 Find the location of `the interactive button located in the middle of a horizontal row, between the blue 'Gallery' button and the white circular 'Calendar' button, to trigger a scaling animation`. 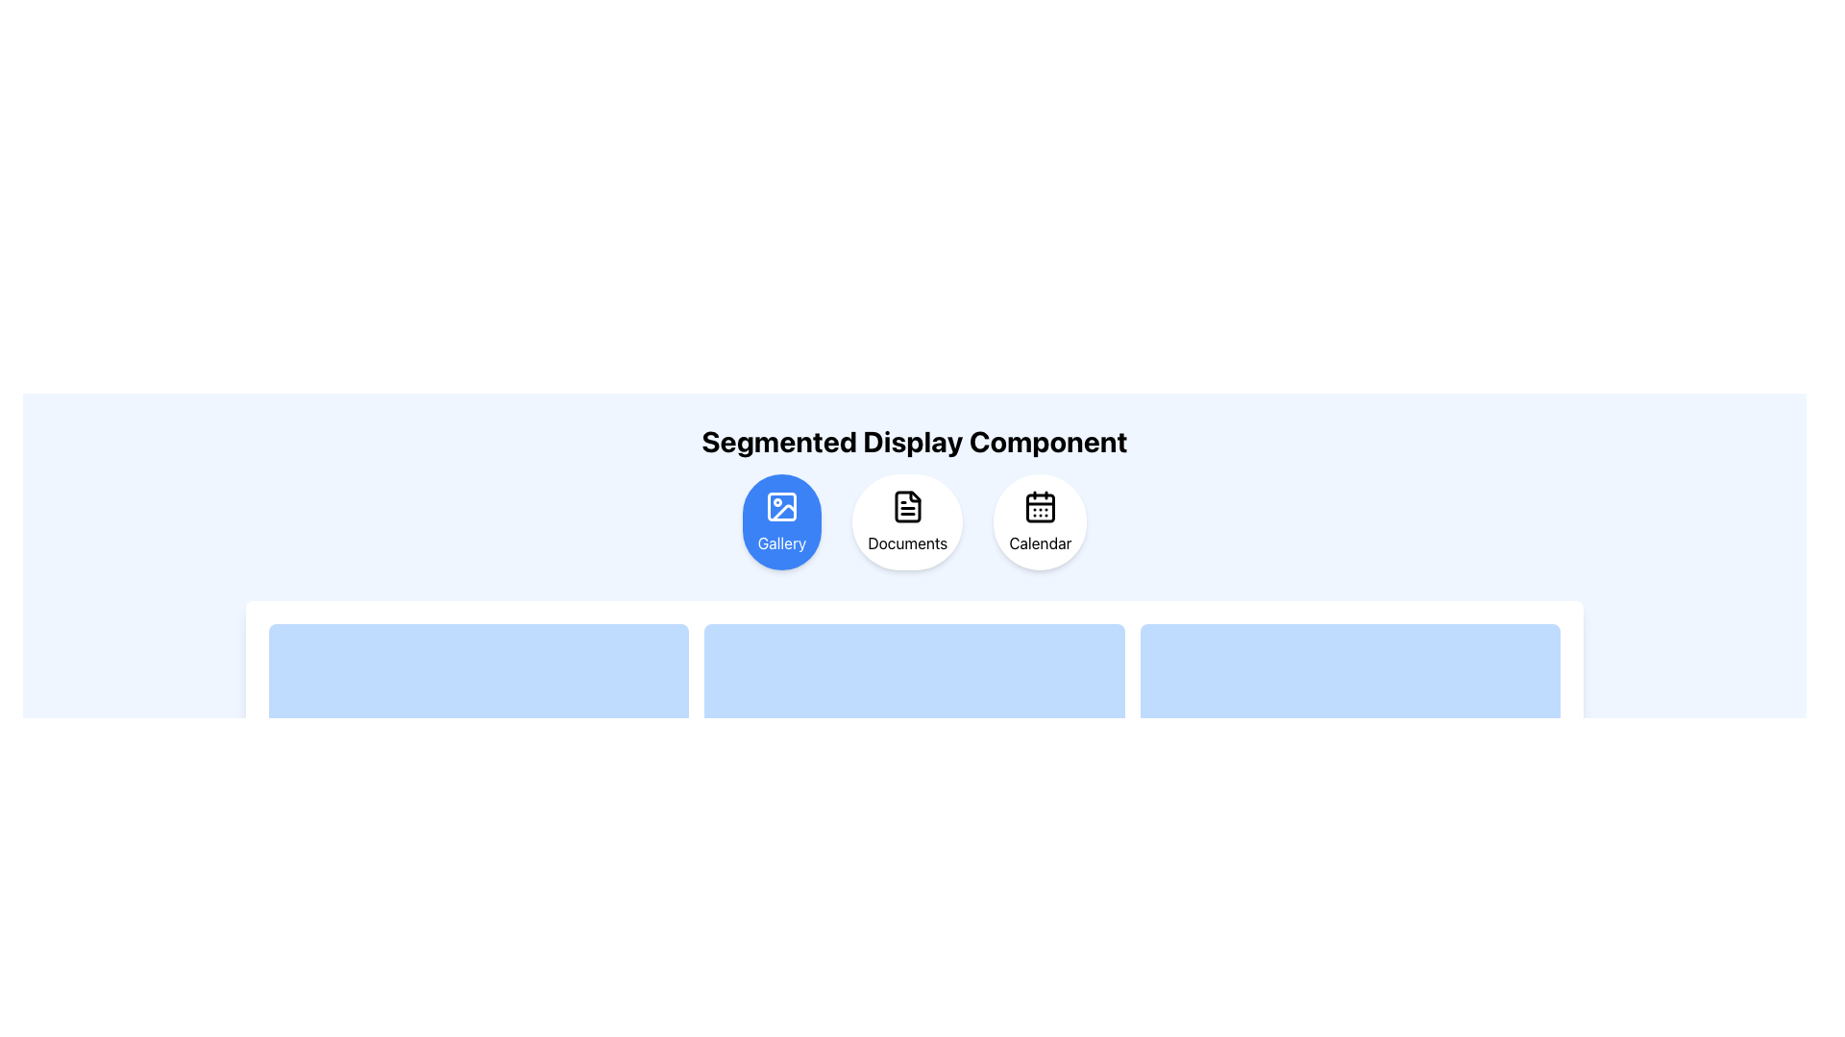

the interactive button located in the middle of a horizontal row, between the blue 'Gallery' button and the white circular 'Calendar' button, to trigger a scaling animation is located at coordinates (913, 521).